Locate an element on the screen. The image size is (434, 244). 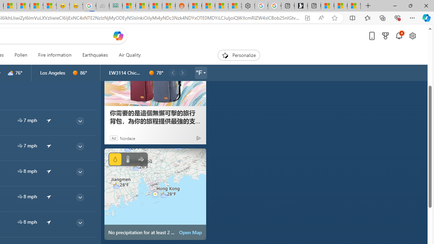
'common/thinArrow' is located at coordinates (80, 223).